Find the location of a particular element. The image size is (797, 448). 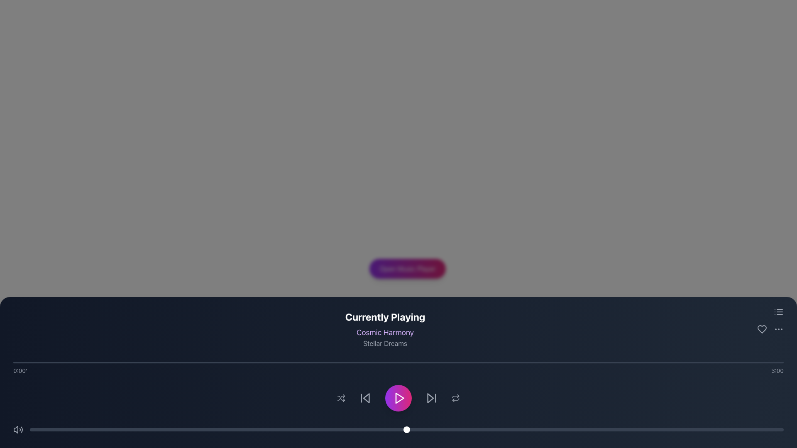

playback position is located at coordinates (471, 362).